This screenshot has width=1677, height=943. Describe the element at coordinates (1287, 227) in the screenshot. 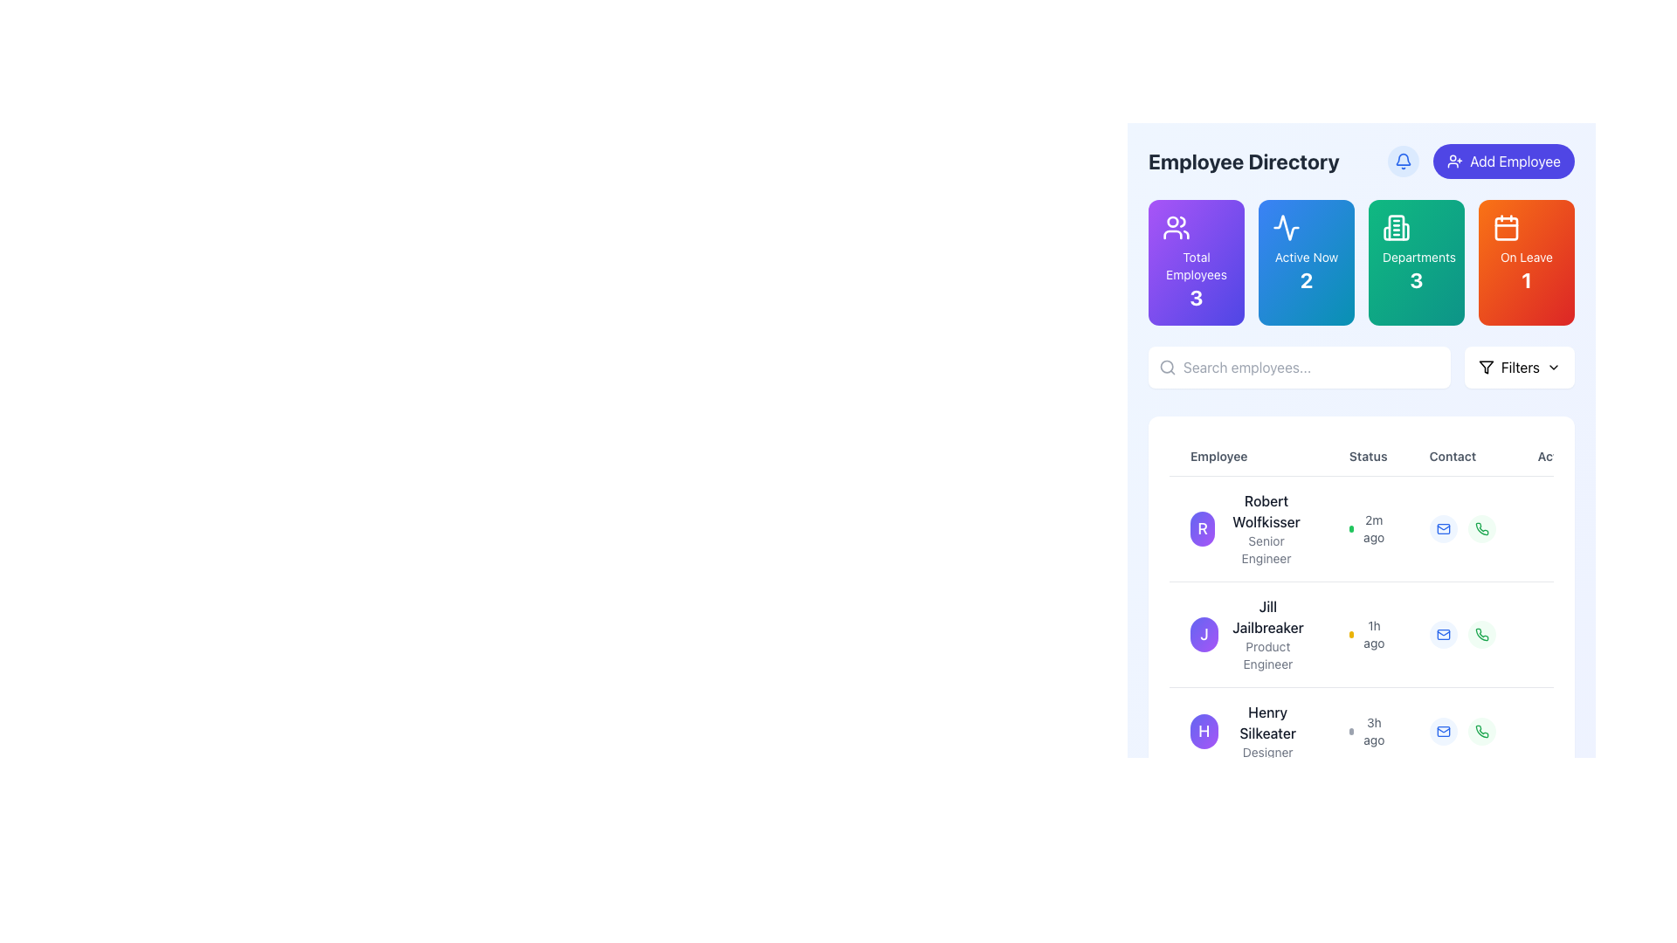

I see `the graphical representation of the SVG icon within the blue 'Active Now' card labeled 'Active Now' with the number '2' beneath it, which is the second card under 'Employee Directory'` at that location.